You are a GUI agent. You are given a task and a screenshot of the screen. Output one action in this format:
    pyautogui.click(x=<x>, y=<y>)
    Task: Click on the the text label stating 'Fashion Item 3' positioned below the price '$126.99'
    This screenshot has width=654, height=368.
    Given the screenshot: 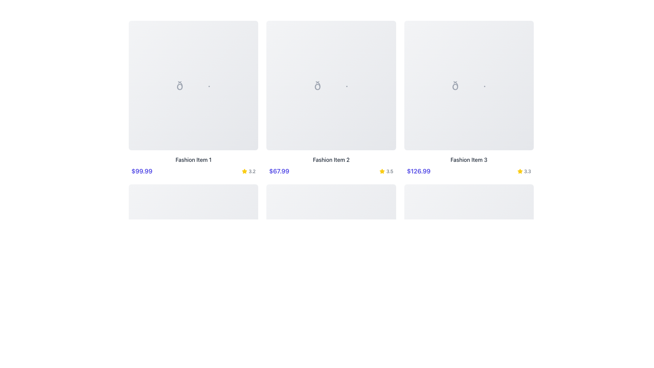 What is the action you would take?
    pyautogui.click(x=468, y=160)
    